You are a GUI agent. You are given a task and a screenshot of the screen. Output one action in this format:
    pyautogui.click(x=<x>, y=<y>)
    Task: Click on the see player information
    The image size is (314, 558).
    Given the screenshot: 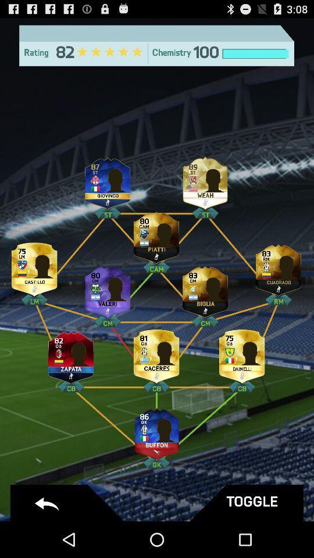 What is the action you would take?
    pyautogui.click(x=156, y=353)
    